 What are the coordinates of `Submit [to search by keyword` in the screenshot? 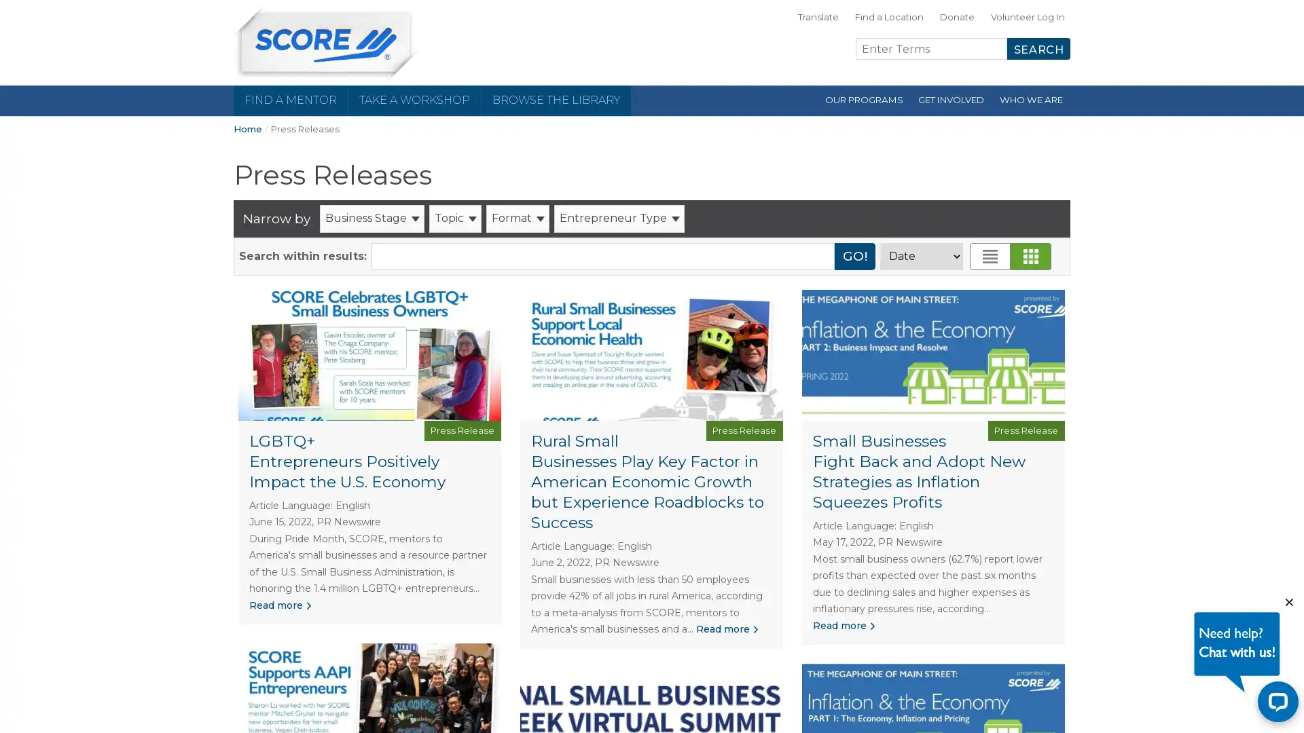 It's located at (854, 256).